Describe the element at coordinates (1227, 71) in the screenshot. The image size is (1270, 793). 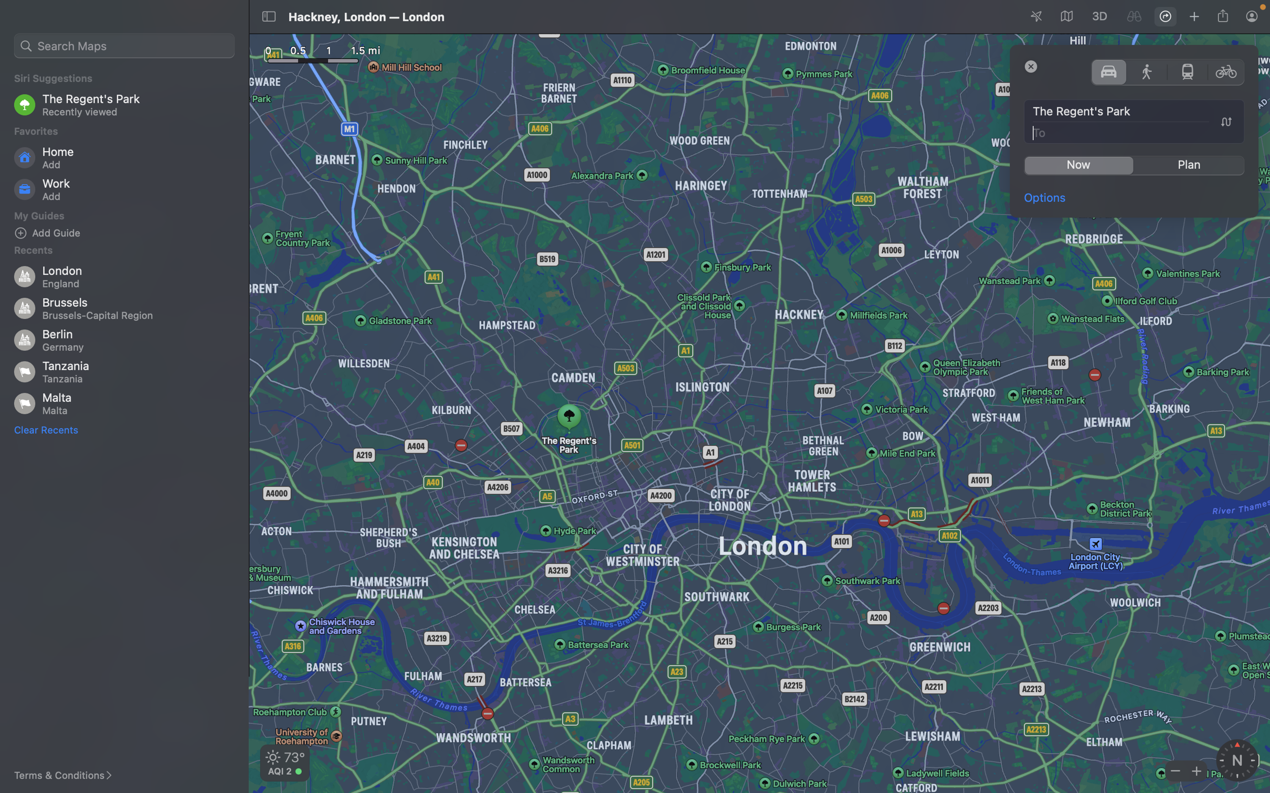
I see `Switch commuting preference to cycling` at that location.